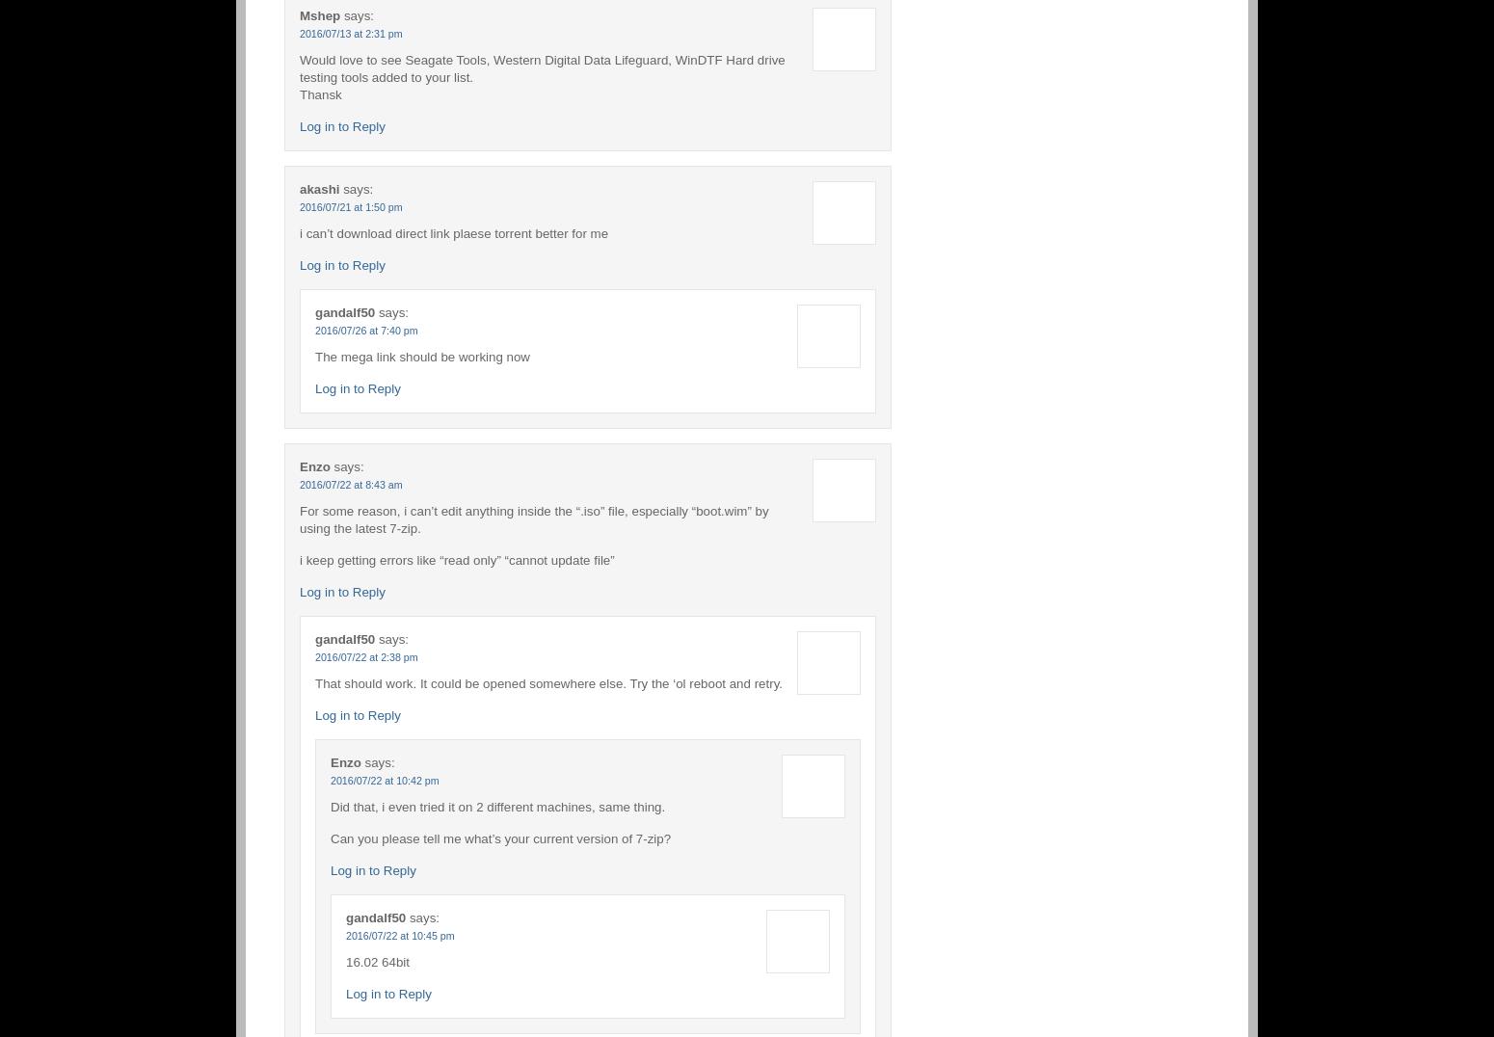 This screenshot has height=1037, width=1494. What do you see at coordinates (349, 483) in the screenshot?
I see `'2016/07/22 at 8:43 am'` at bounding box center [349, 483].